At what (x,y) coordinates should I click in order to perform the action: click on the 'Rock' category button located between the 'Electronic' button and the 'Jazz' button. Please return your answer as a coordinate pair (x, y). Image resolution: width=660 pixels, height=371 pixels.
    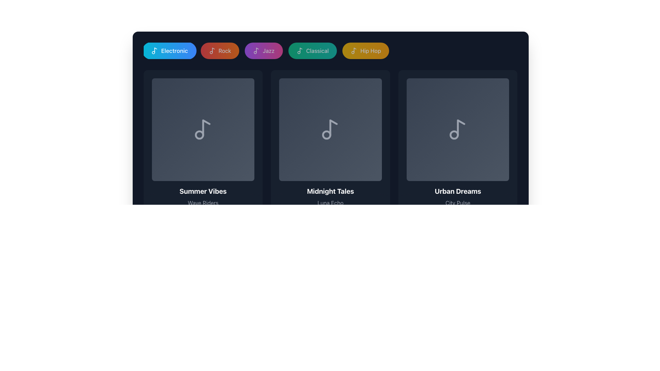
    Looking at the image, I should click on (219, 50).